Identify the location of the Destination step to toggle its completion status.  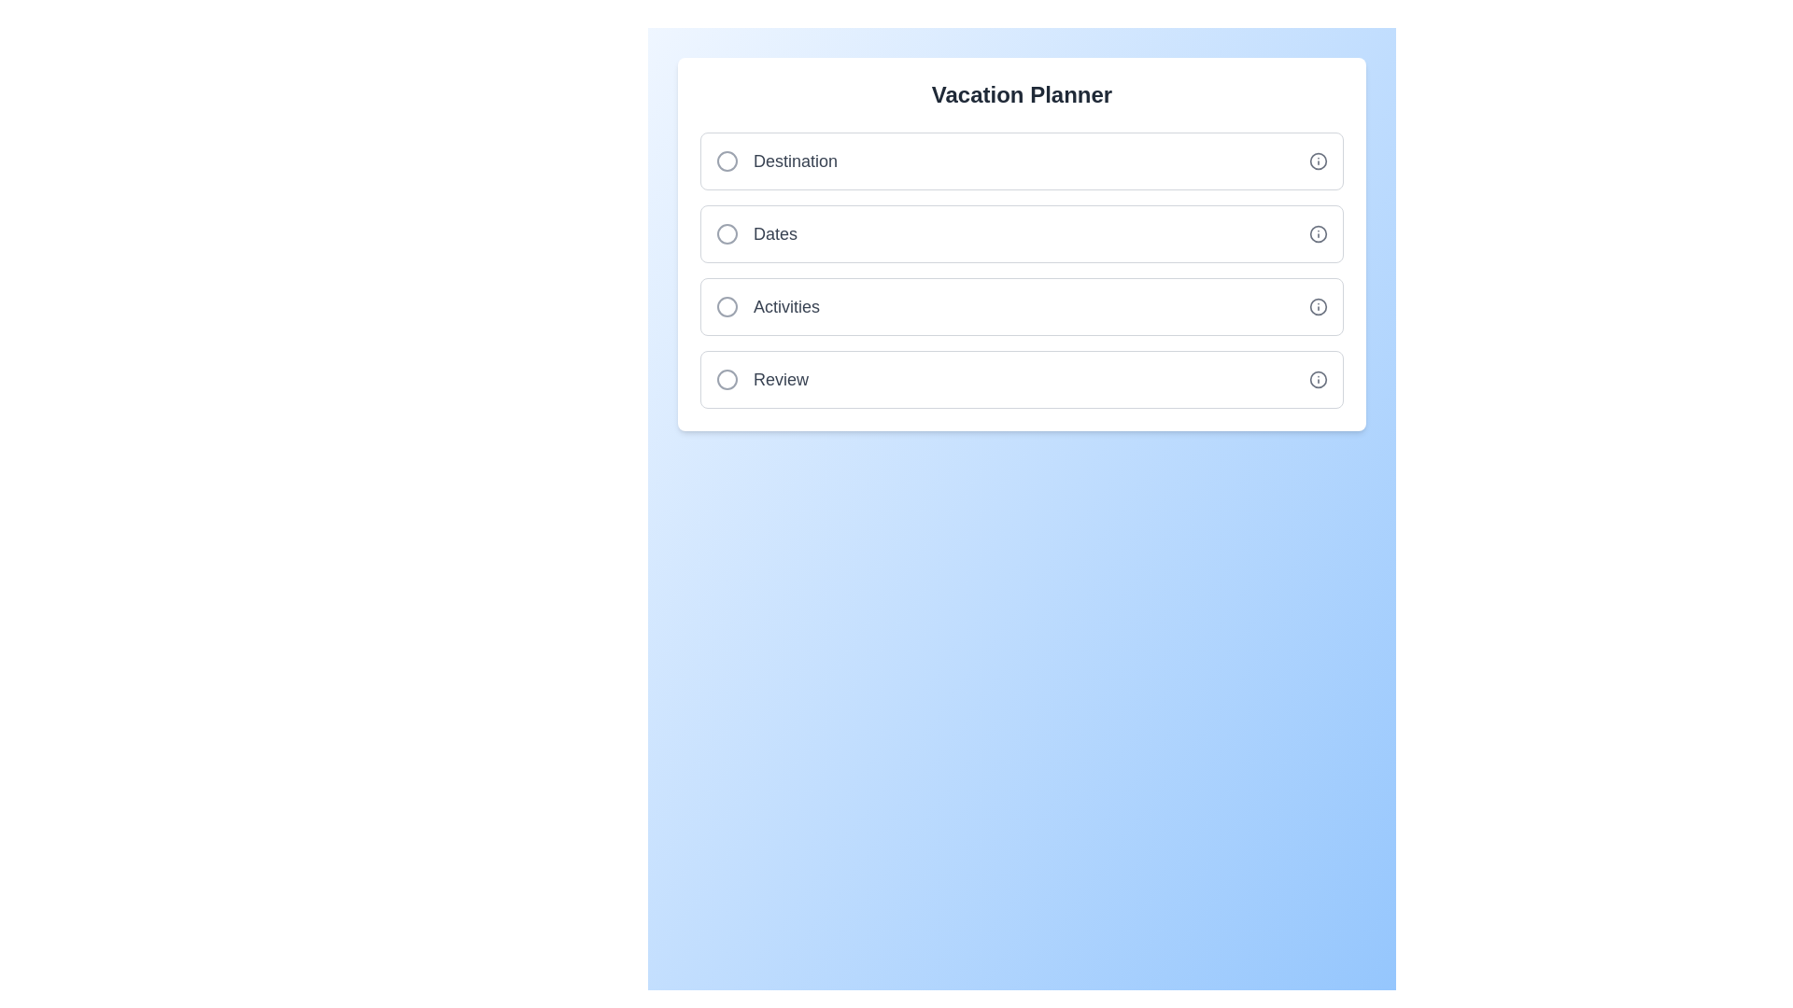
(1021, 161).